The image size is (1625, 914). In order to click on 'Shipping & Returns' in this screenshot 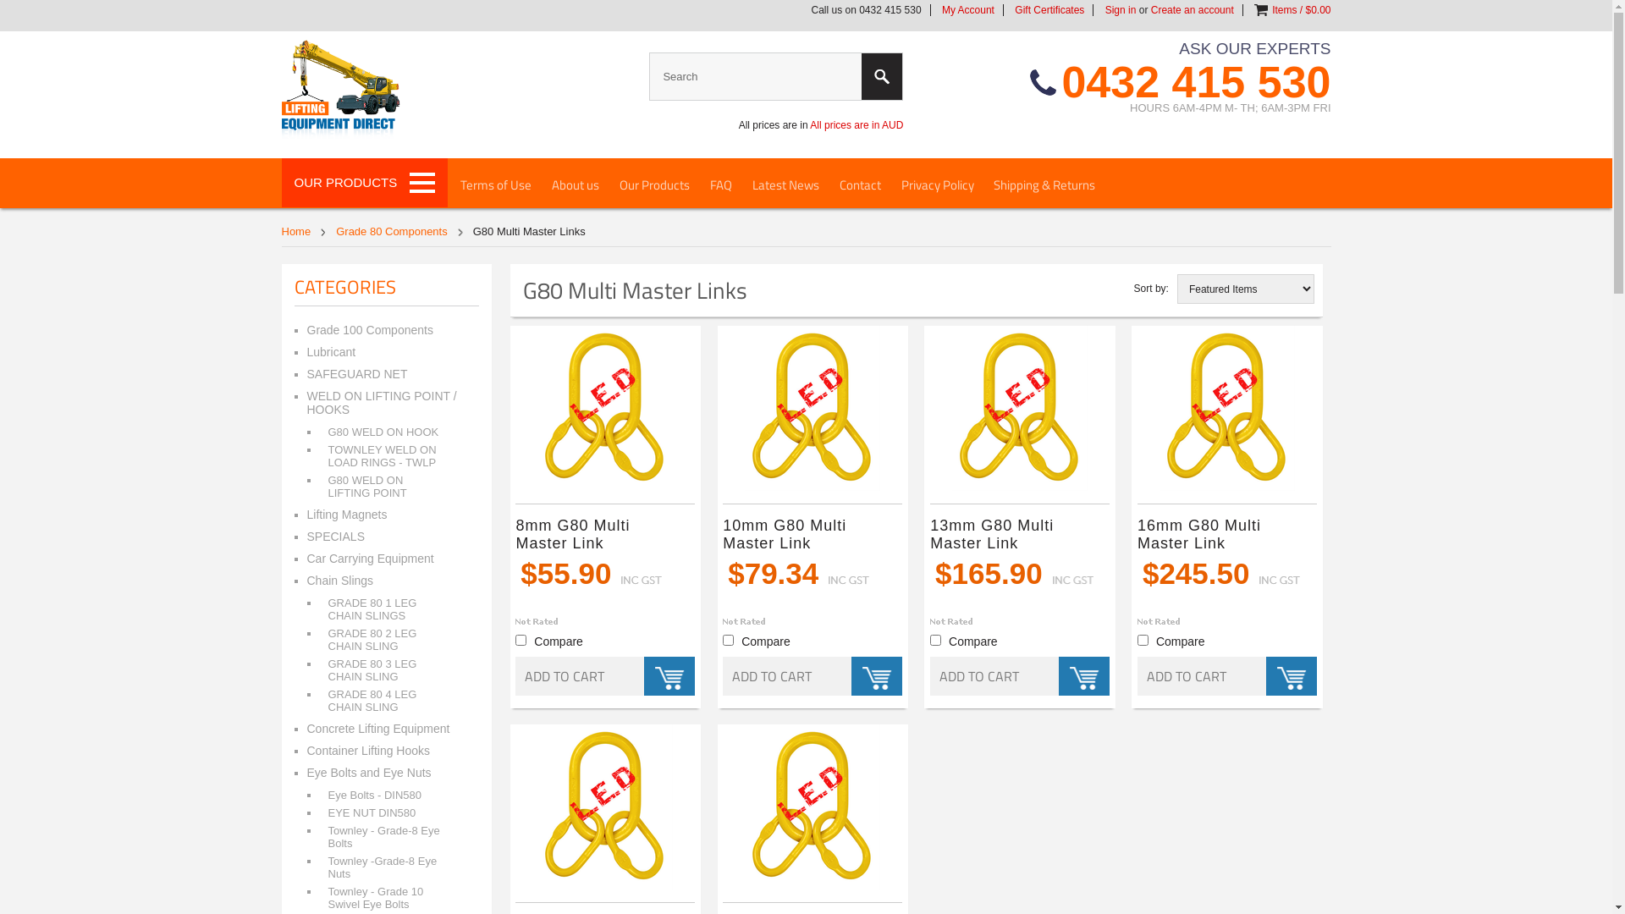, I will do `click(1043, 184)`.